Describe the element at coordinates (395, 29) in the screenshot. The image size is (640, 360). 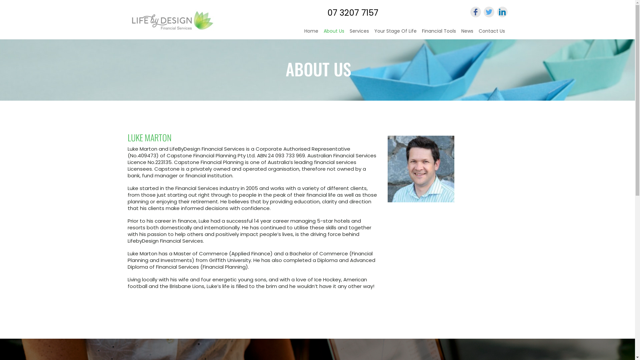
I see `'Your Stage Of Life'` at that location.